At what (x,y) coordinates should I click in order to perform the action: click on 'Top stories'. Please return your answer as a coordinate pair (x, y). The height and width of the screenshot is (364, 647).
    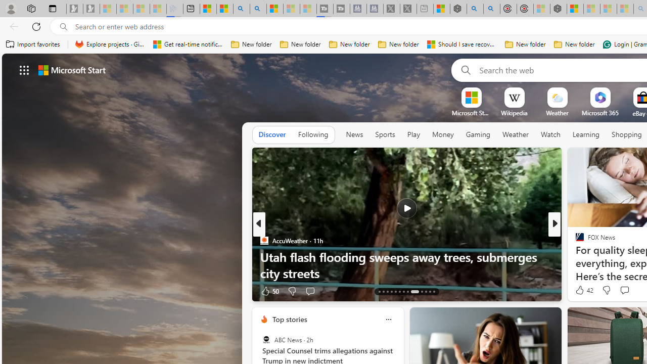
    Looking at the image, I should click on (289, 319).